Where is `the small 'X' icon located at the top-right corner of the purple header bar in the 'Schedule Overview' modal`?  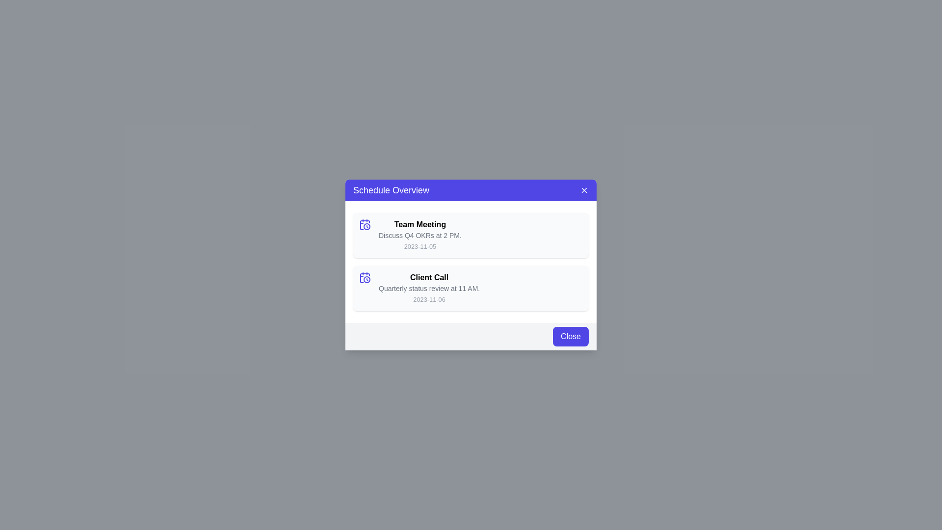 the small 'X' icon located at the top-right corner of the purple header bar in the 'Schedule Overview' modal is located at coordinates (584, 190).